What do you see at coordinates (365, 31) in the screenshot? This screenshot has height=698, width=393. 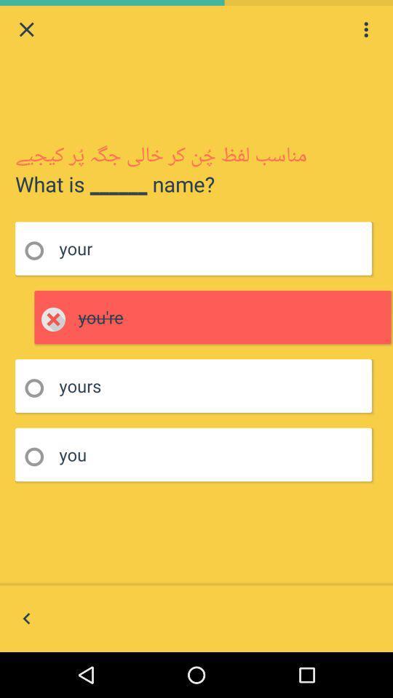 I see `the more icon` at bounding box center [365, 31].